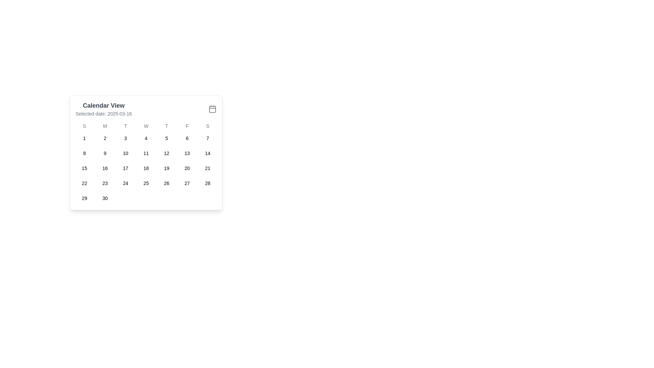 This screenshot has height=368, width=654. I want to click on the square button labeled '1' with a rounded border in the calendar grid, so click(84, 138).